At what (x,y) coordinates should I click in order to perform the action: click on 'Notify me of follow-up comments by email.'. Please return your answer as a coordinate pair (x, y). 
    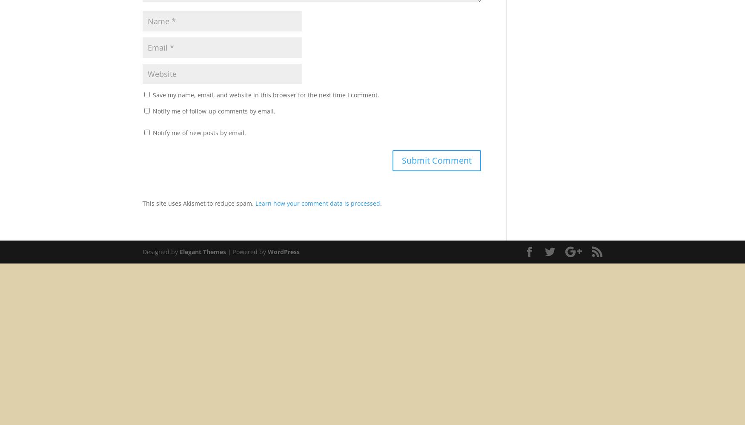
    Looking at the image, I should click on (213, 110).